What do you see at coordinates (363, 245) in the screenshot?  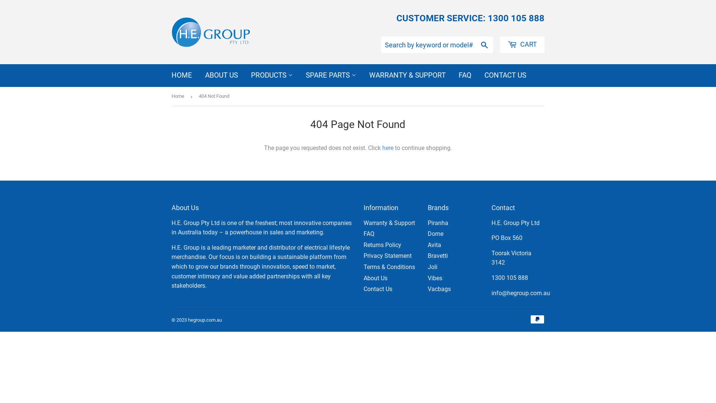 I see `'Returns Policy'` at bounding box center [363, 245].